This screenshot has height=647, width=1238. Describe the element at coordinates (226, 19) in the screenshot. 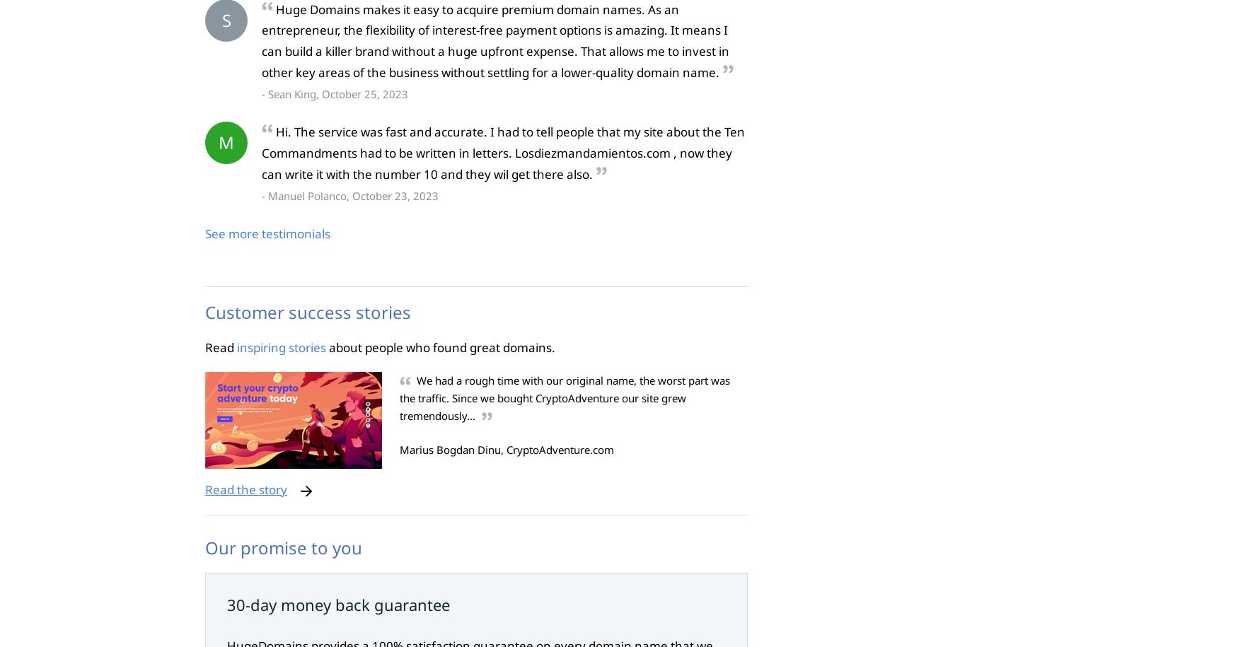

I see `'S'` at that location.